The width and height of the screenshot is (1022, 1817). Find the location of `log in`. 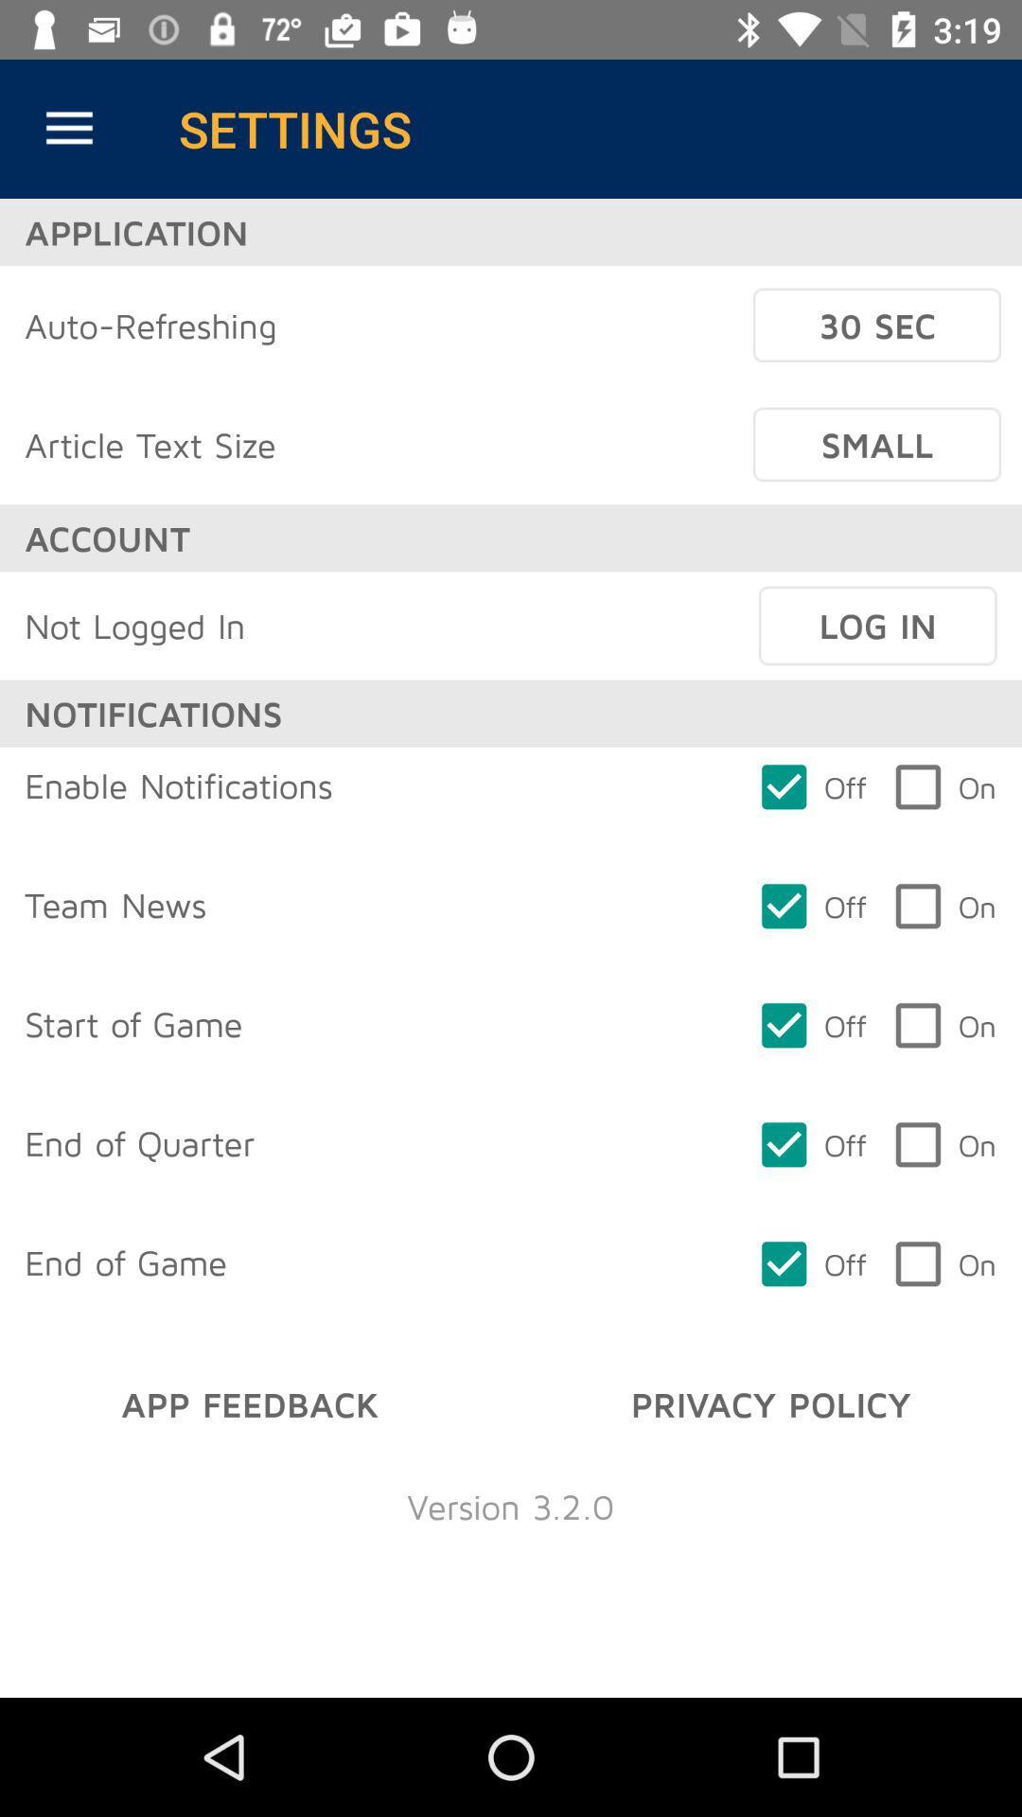

log in is located at coordinates (877, 626).